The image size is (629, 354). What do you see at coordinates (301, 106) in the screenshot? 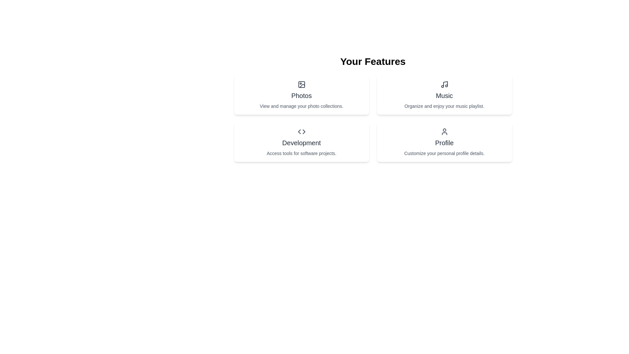
I see `the Text display component located at the bottom of the 'Photos' card, which provides additional information about the content or functionality associated with the card` at bounding box center [301, 106].